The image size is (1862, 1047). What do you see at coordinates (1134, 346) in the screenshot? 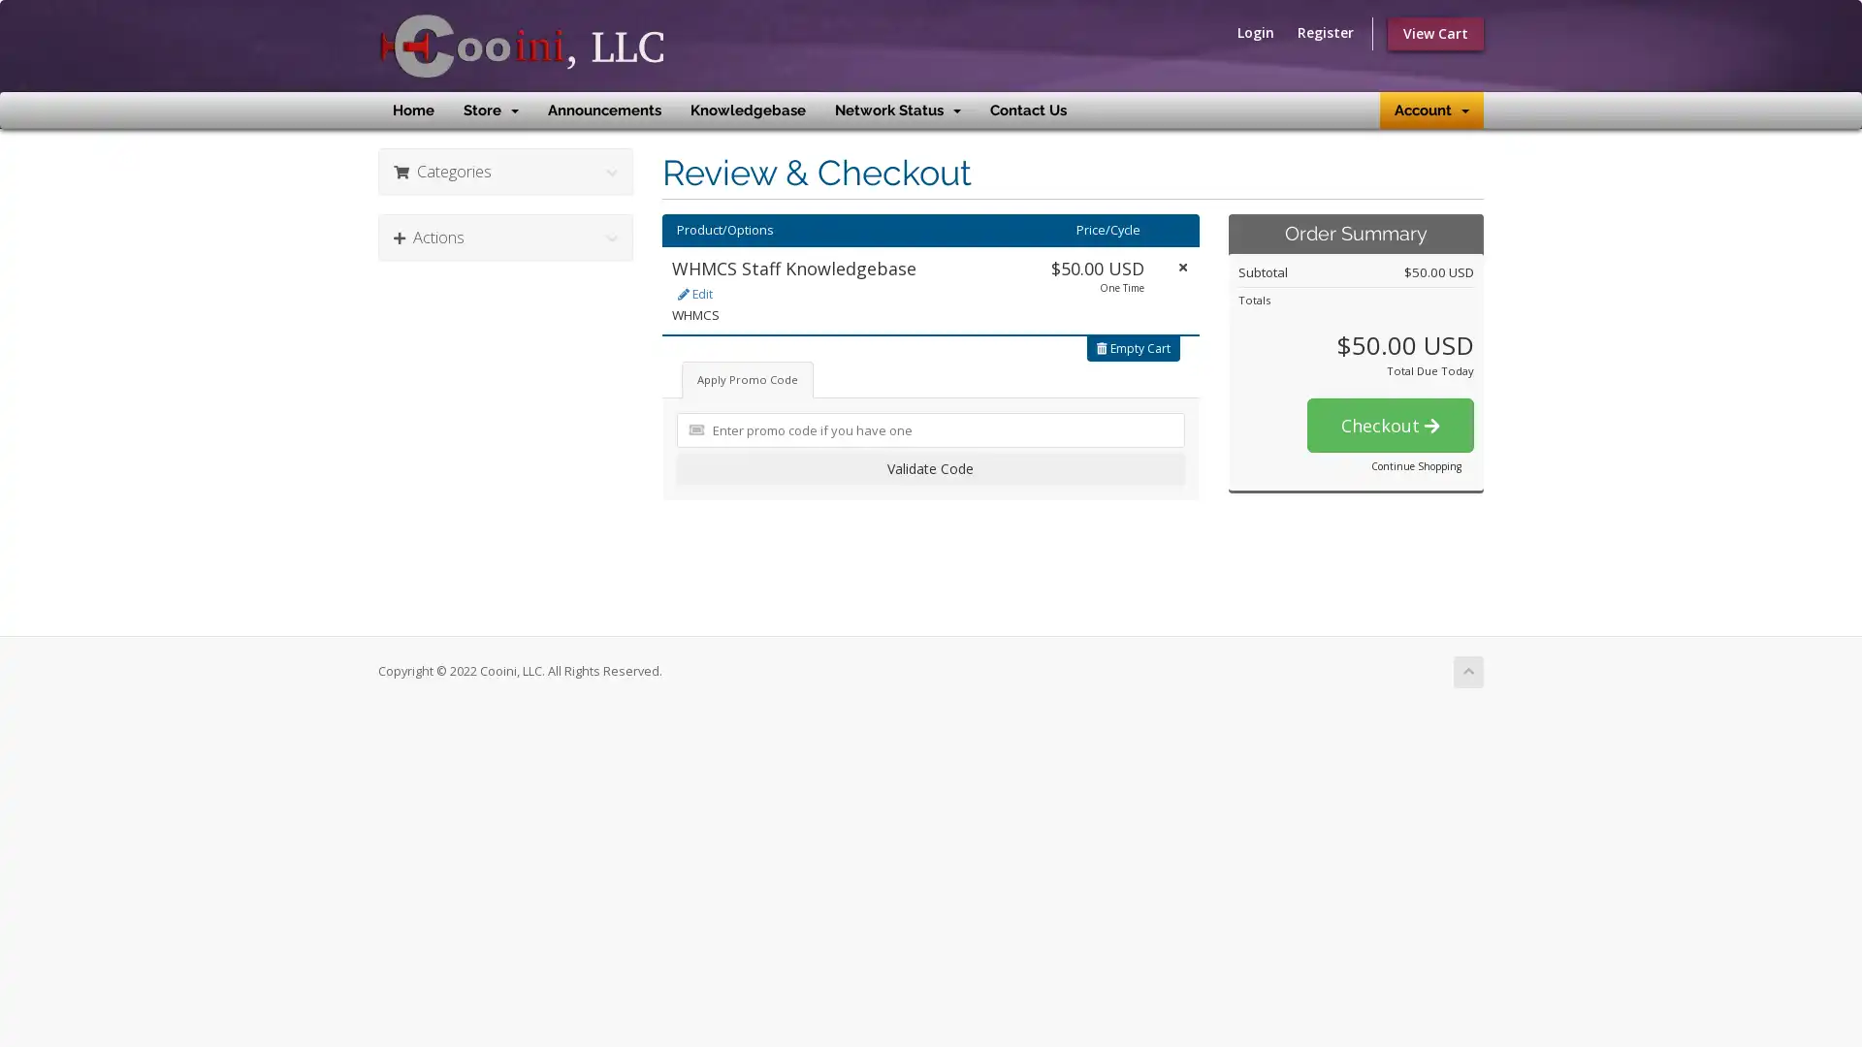
I see `Empty Cart` at bounding box center [1134, 346].